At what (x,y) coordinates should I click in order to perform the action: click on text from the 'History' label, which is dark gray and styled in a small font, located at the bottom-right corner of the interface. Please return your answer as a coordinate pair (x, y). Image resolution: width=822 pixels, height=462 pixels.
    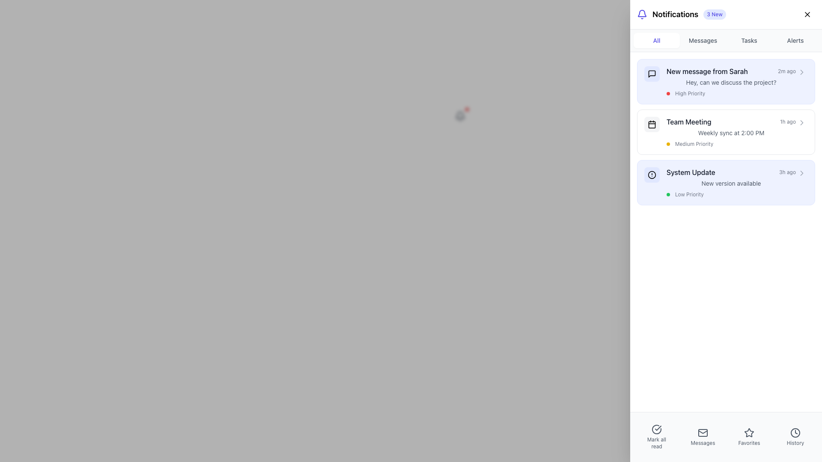
    Looking at the image, I should click on (795, 443).